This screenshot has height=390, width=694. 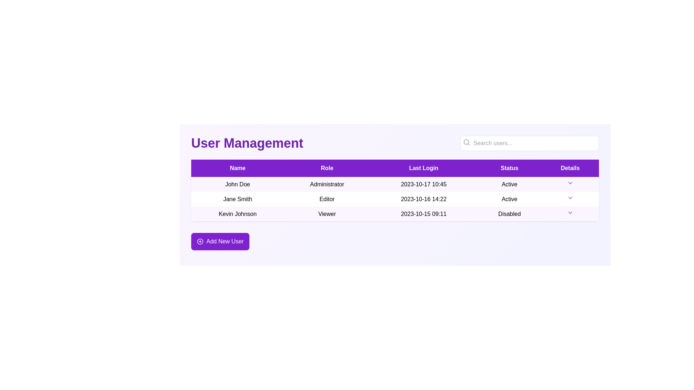 What do you see at coordinates (237, 184) in the screenshot?
I see `on the text display field showing 'John Doe' under the 'Name' column in the structured table` at bounding box center [237, 184].